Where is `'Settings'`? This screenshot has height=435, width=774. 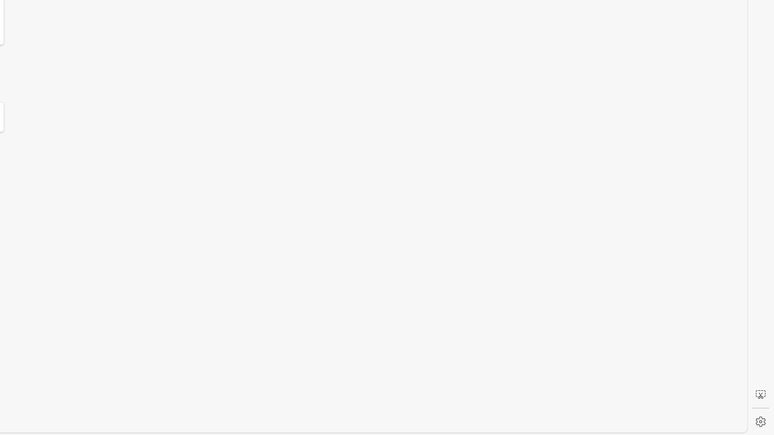 'Settings' is located at coordinates (759, 420).